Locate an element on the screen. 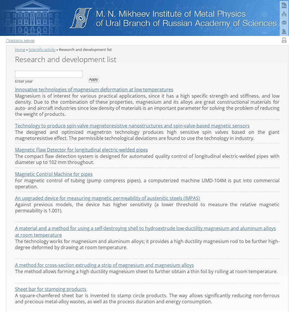 The image size is (289, 312). 'A material and a method for using a self-destroying shell to hydroextrude low-ductility magnesium and aluminum alloys at room temperature' is located at coordinates (145, 231).